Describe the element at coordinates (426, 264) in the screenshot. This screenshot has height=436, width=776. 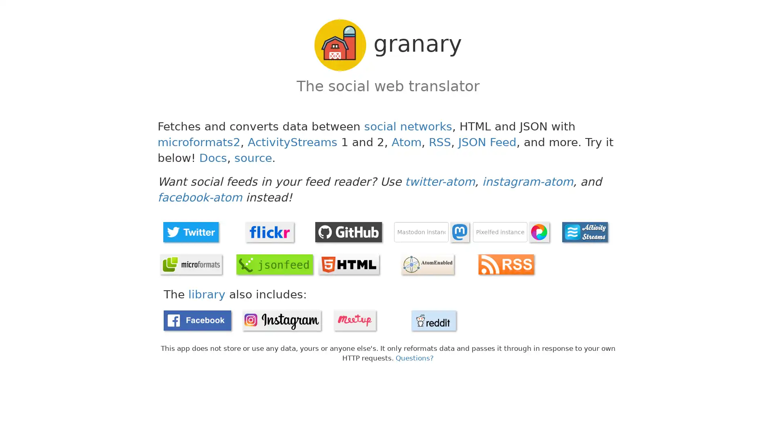
I see `Atom` at that location.